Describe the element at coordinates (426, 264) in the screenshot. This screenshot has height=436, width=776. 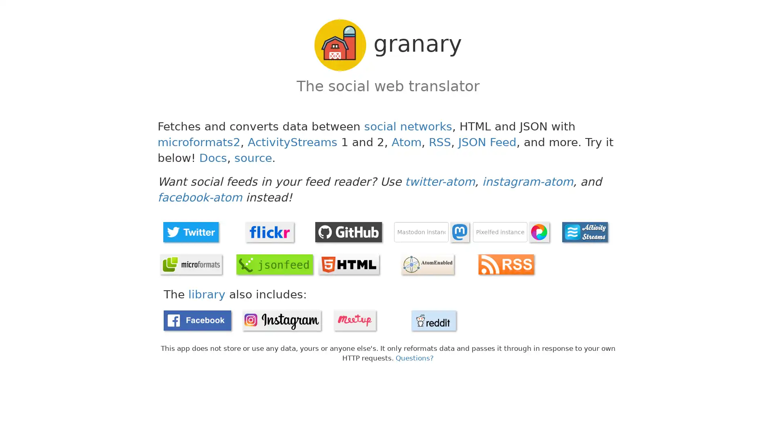
I see `Atom` at that location.